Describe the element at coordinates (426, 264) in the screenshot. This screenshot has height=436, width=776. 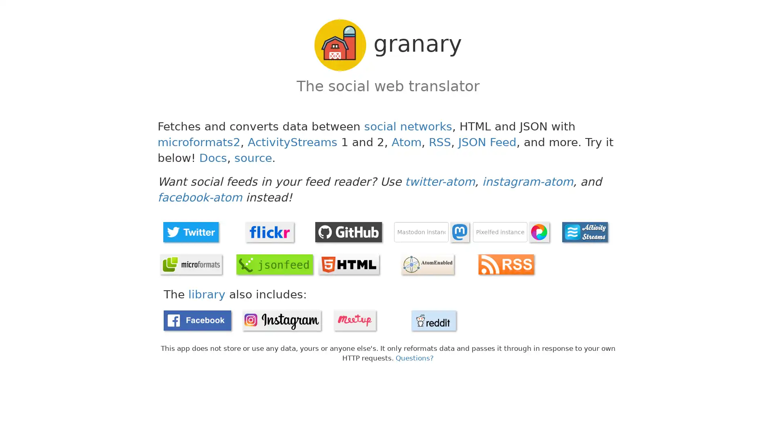
I see `Atom` at that location.